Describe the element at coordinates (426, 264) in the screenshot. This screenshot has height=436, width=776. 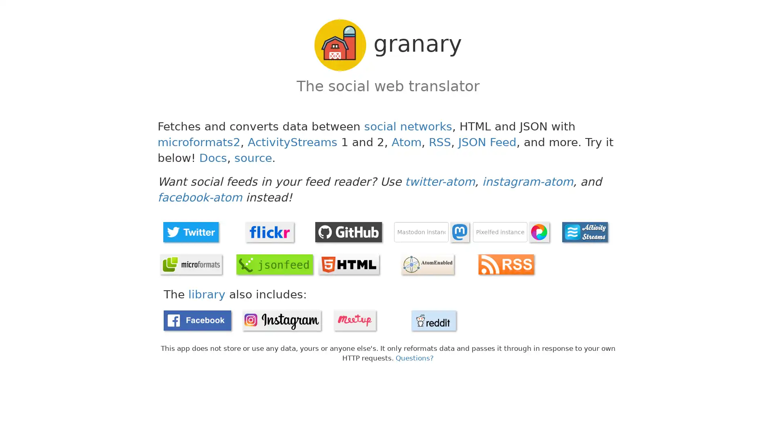
I see `Atom` at that location.